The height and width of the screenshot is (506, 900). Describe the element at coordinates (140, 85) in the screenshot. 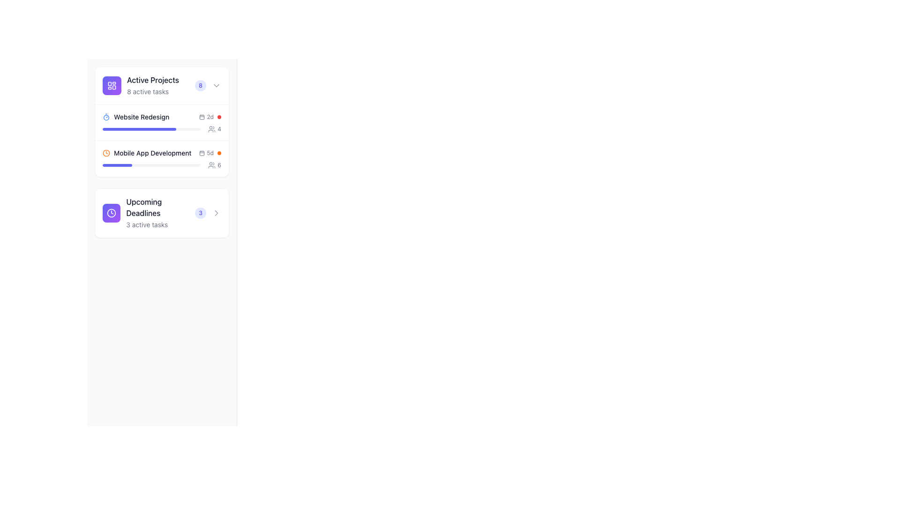

I see `header 'Active Projects' and the subheading '8 active tasks' from the text label with an indigo-to-purple gradient icon located at the upper section of the card component` at that location.